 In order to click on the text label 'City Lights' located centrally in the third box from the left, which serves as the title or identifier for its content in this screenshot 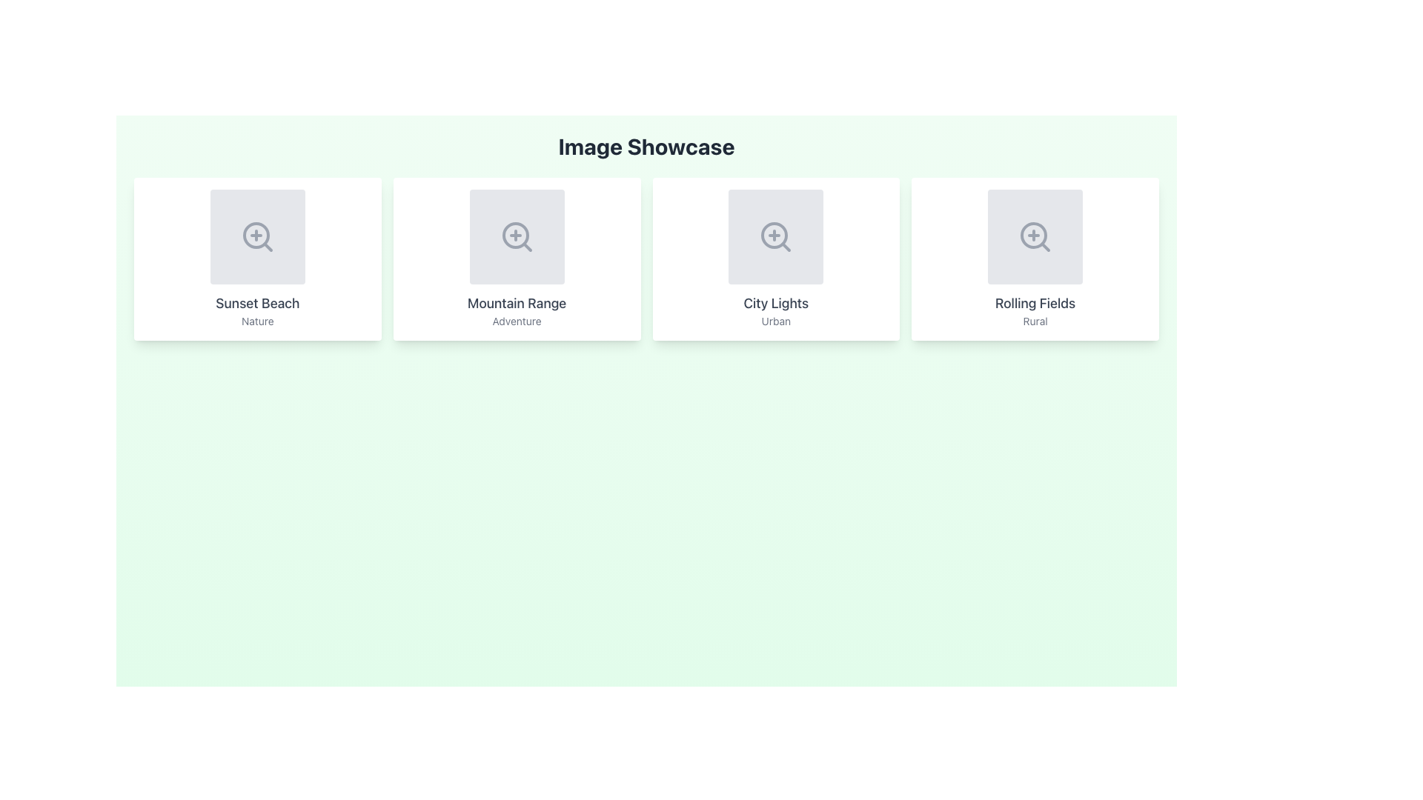, I will do `click(775, 302)`.